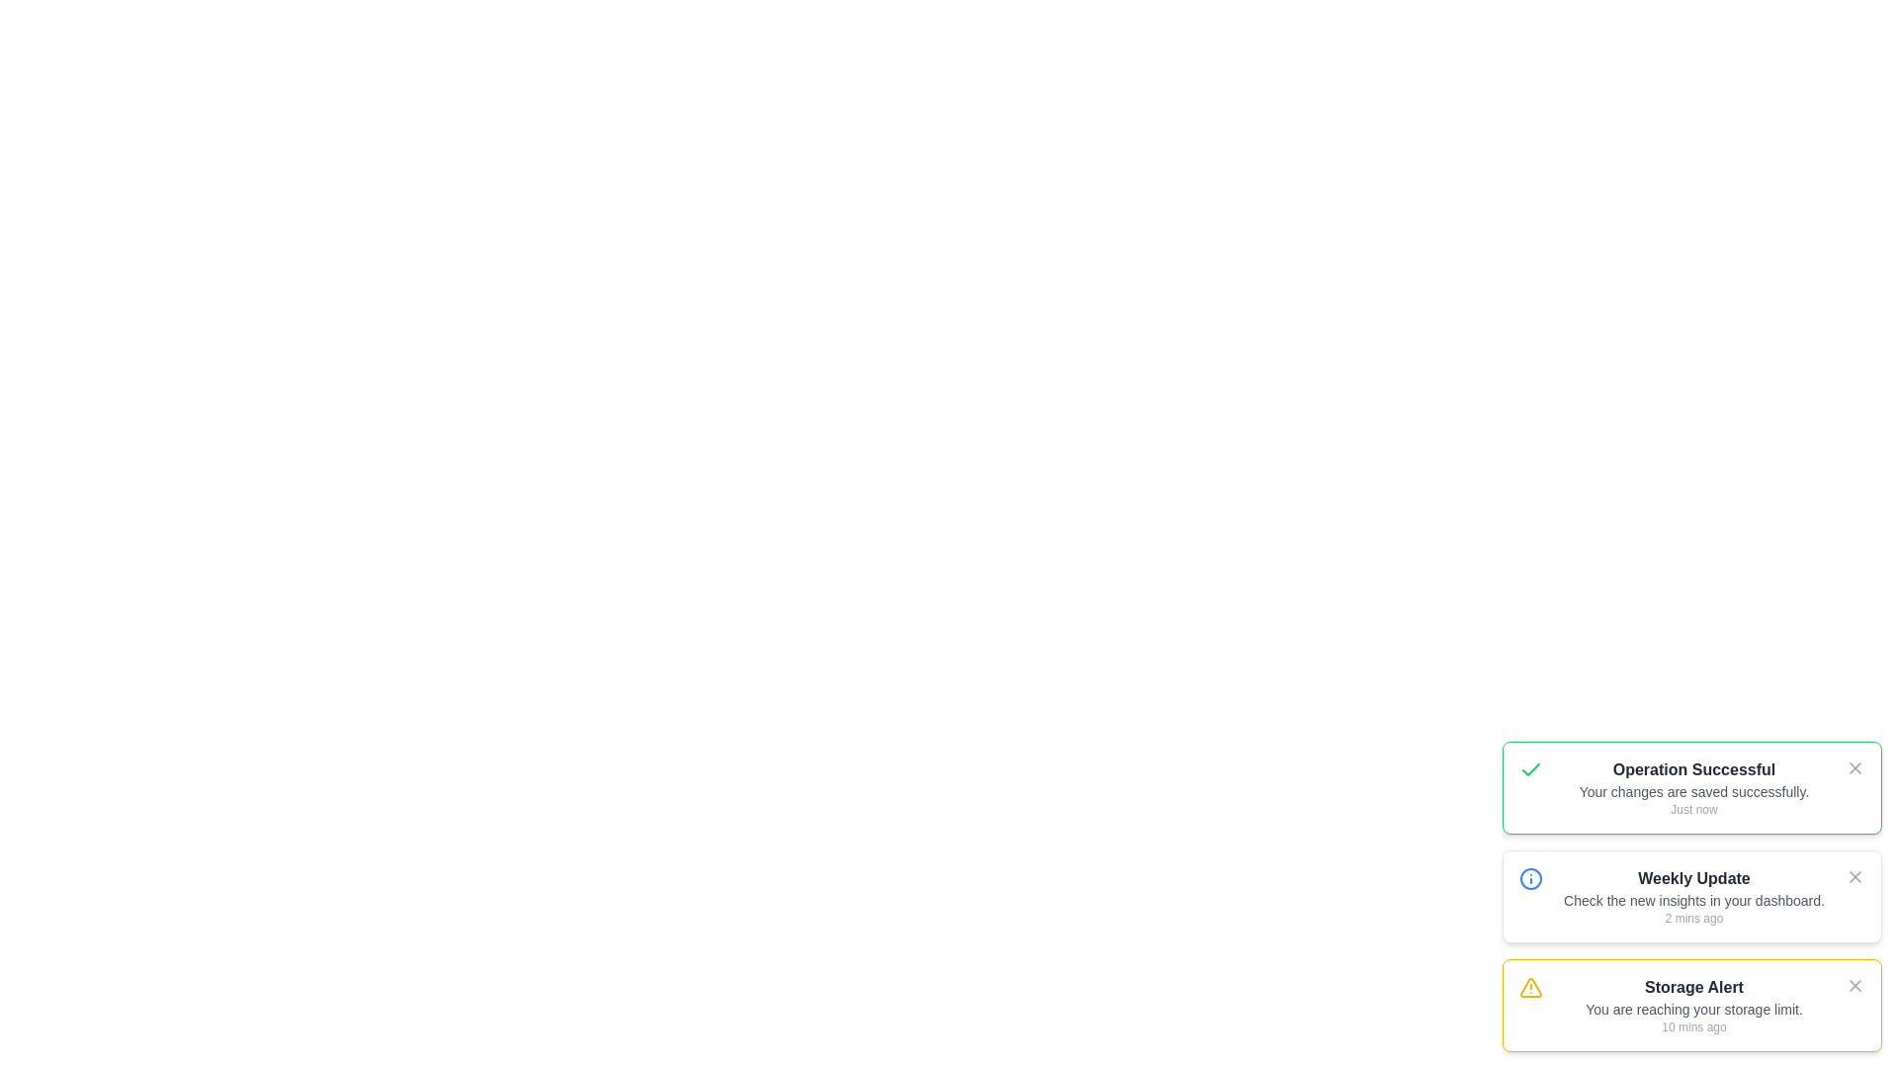  Describe the element at coordinates (1530, 769) in the screenshot. I see `the green checkmark icon located in the notification card titled 'Operation Successful' at the top of the notification stack in the bottom-right corner of the interface` at that location.